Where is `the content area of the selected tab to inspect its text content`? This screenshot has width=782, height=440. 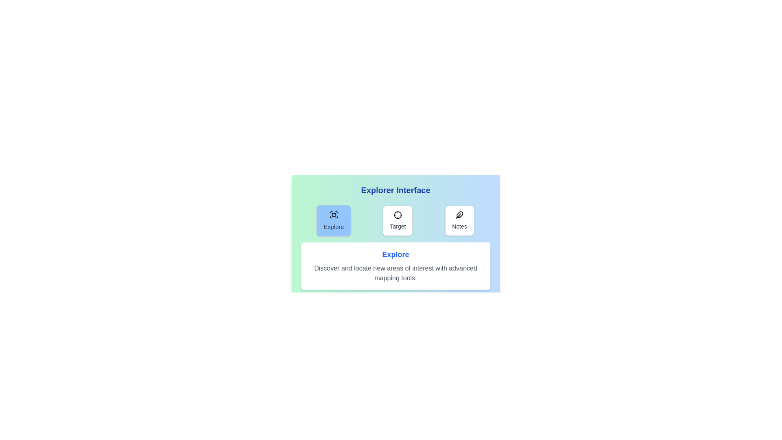
the content area of the selected tab to inspect its text content is located at coordinates (395, 266).